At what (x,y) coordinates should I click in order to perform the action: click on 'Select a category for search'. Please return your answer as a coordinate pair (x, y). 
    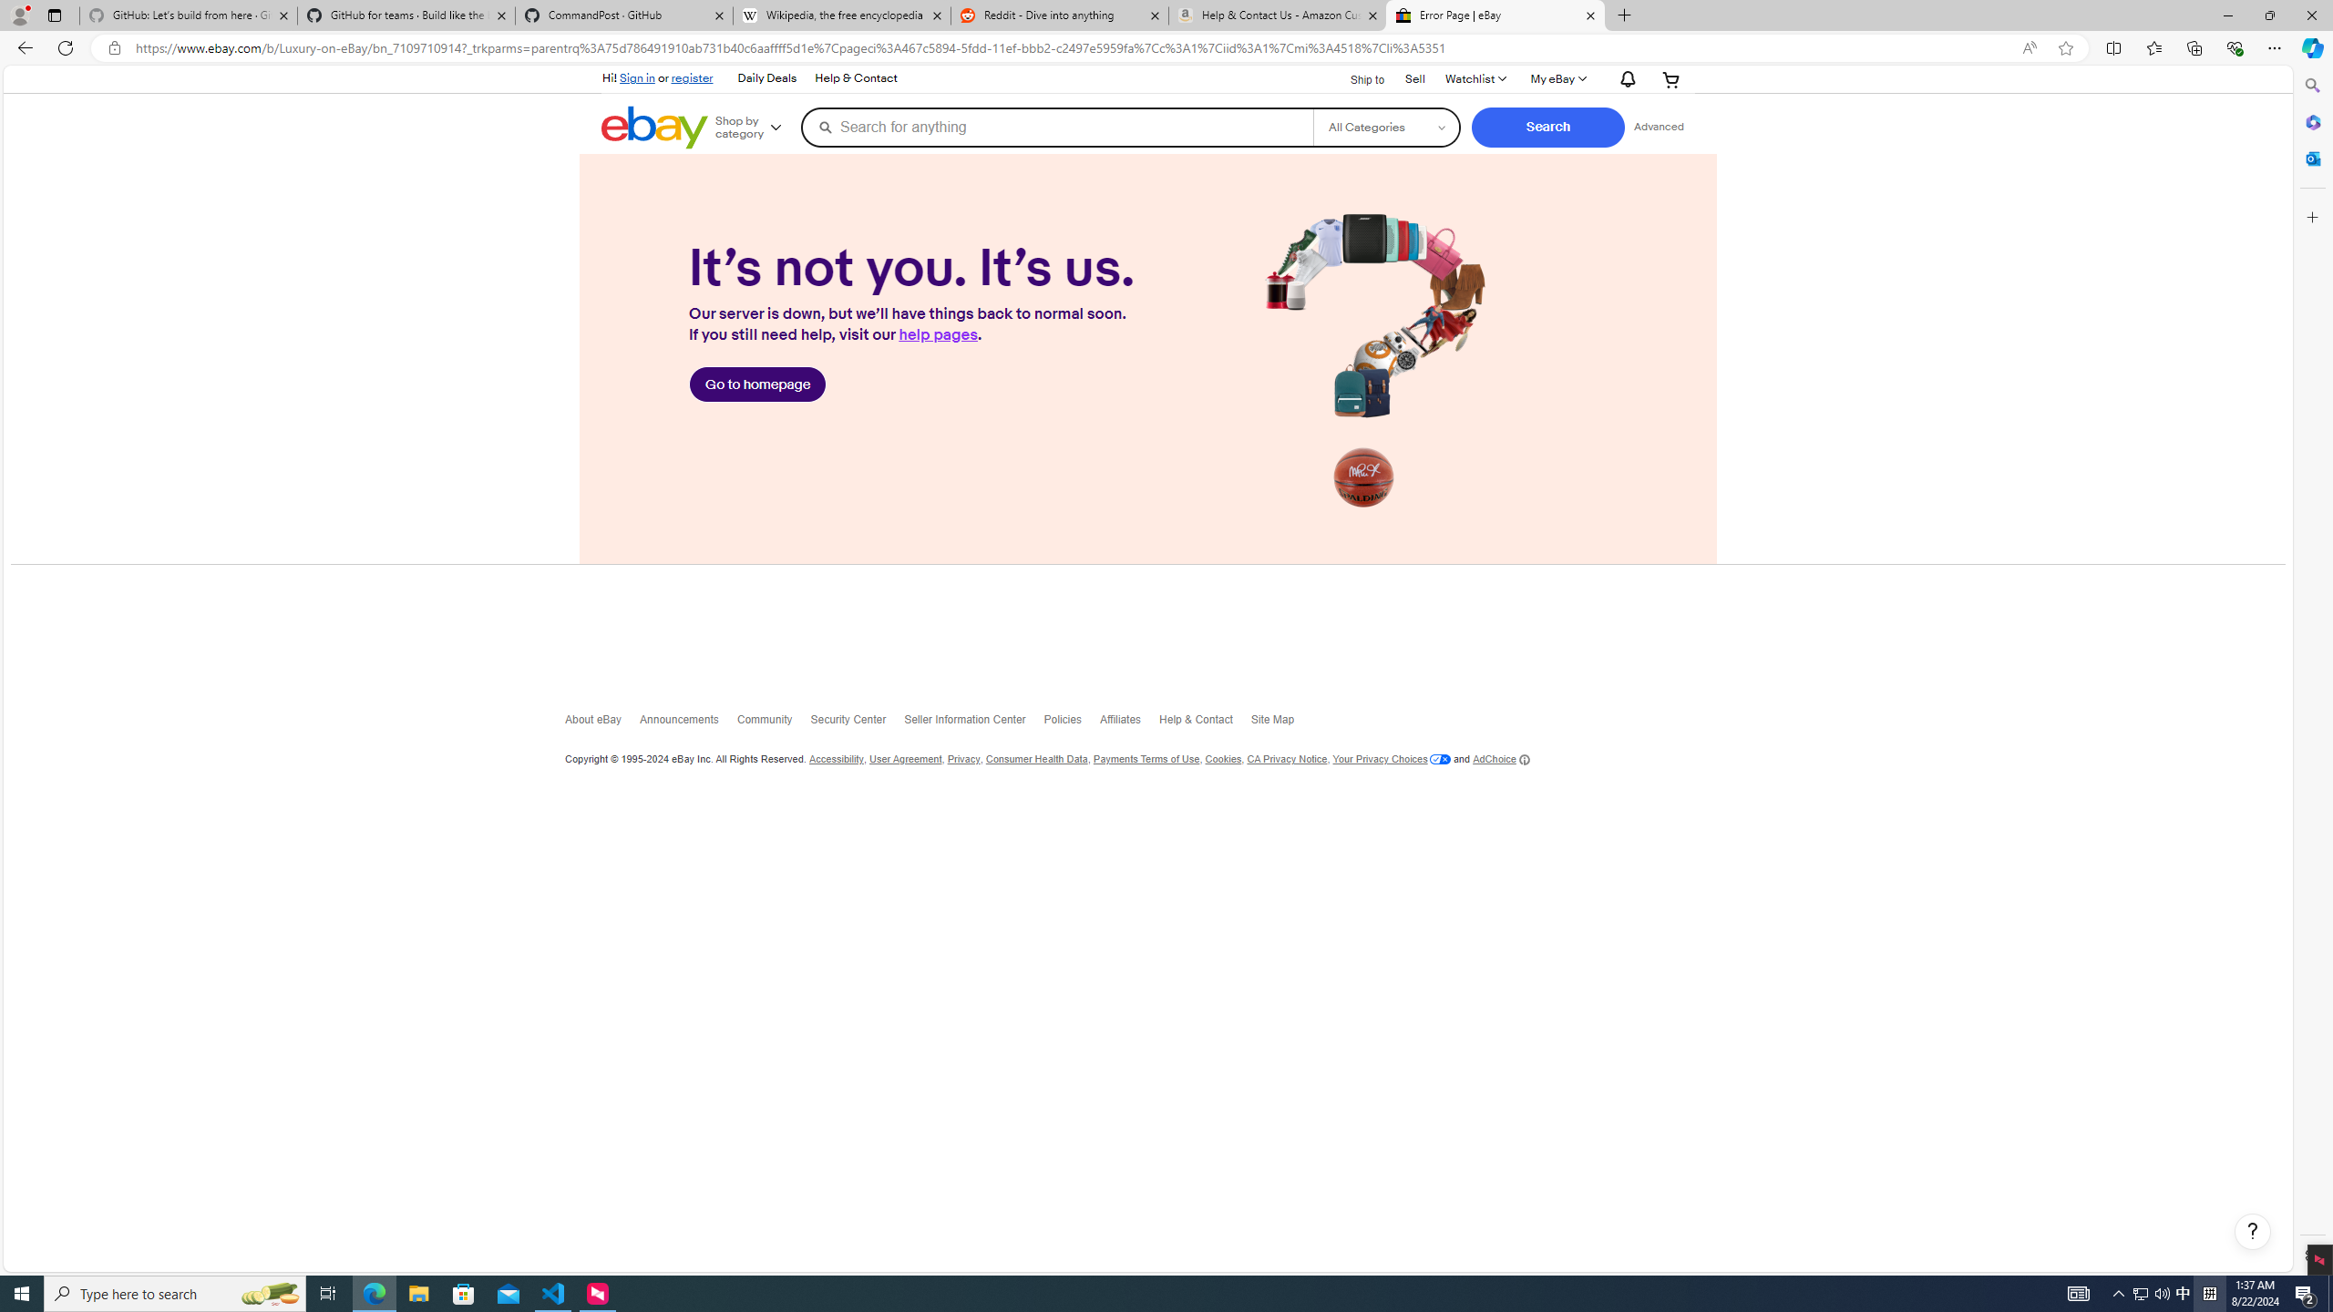
    Looking at the image, I should click on (1384, 126).